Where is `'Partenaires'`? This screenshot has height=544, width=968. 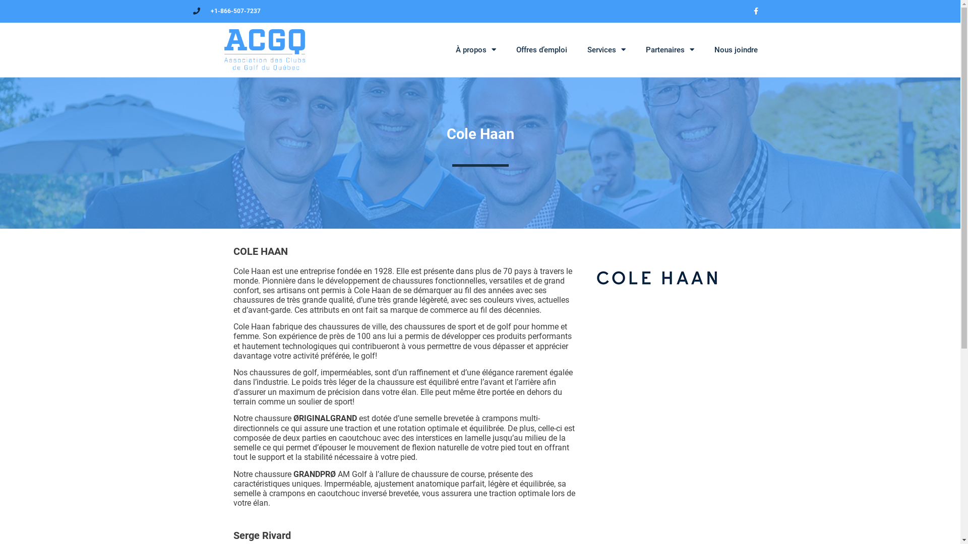 'Partenaires' is located at coordinates (670, 50).